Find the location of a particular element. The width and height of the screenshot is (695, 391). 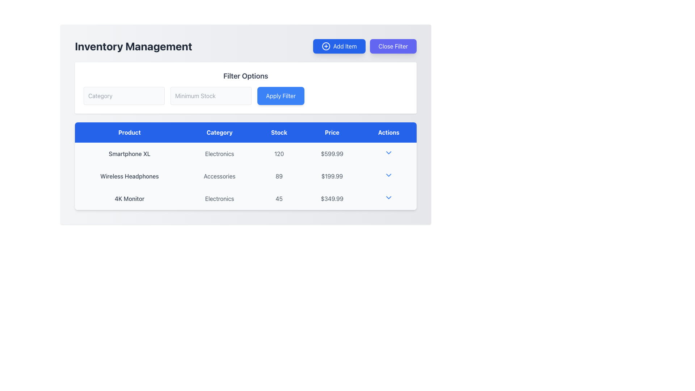

the 'Add Item' button located on the right side of the header area, next to the 'Inventory Management' title, to initiate the addition of an item is located at coordinates (365, 46).